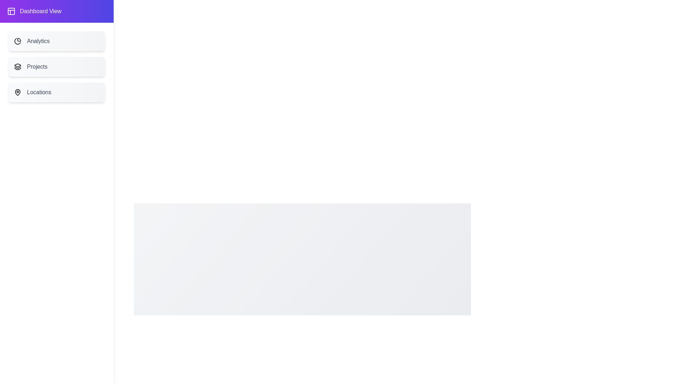  What do you see at coordinates (56, 67) in the screenshot?
I see `the menu item Projects to observe visual feedback` at bounding box center [56, 67].